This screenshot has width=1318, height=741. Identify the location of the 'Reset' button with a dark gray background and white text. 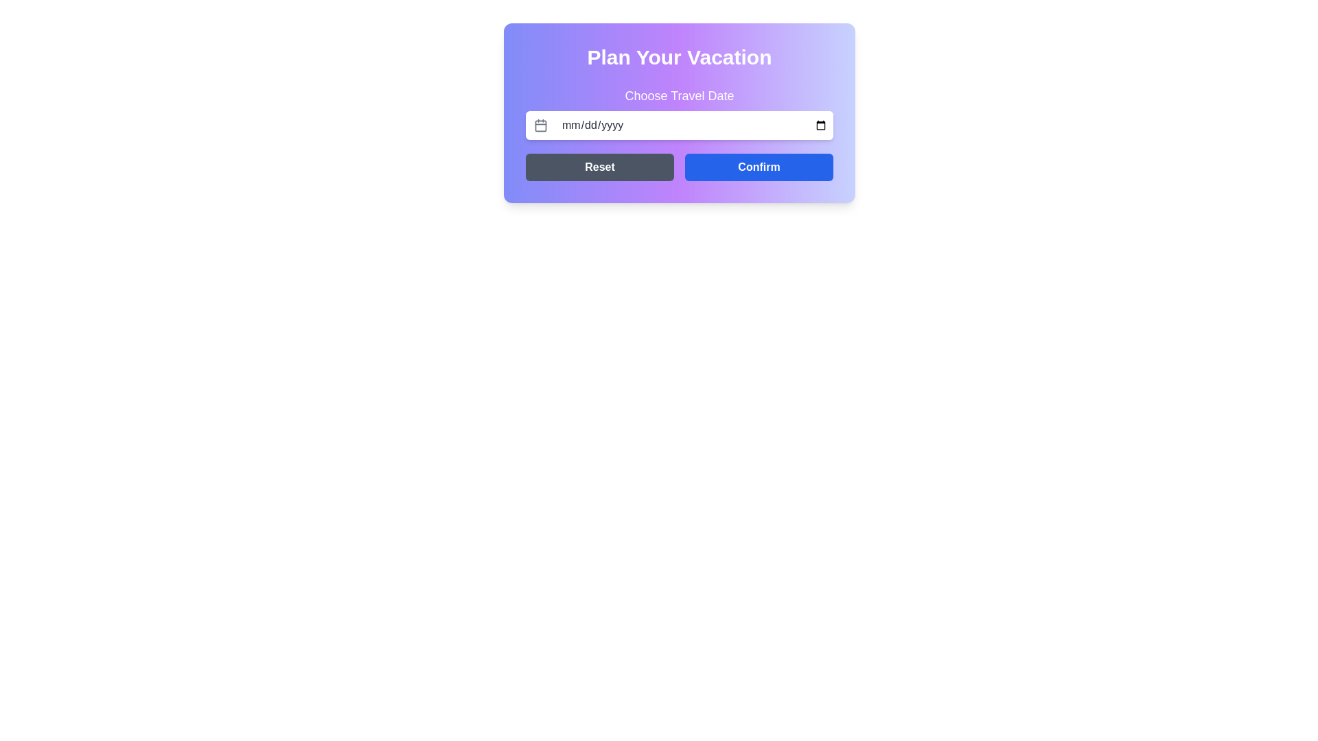
(599, 166).